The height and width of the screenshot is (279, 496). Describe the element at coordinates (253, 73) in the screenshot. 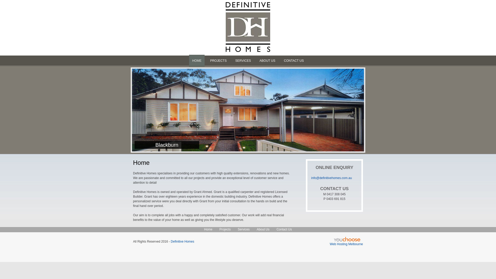

I see `'4'` at that location.